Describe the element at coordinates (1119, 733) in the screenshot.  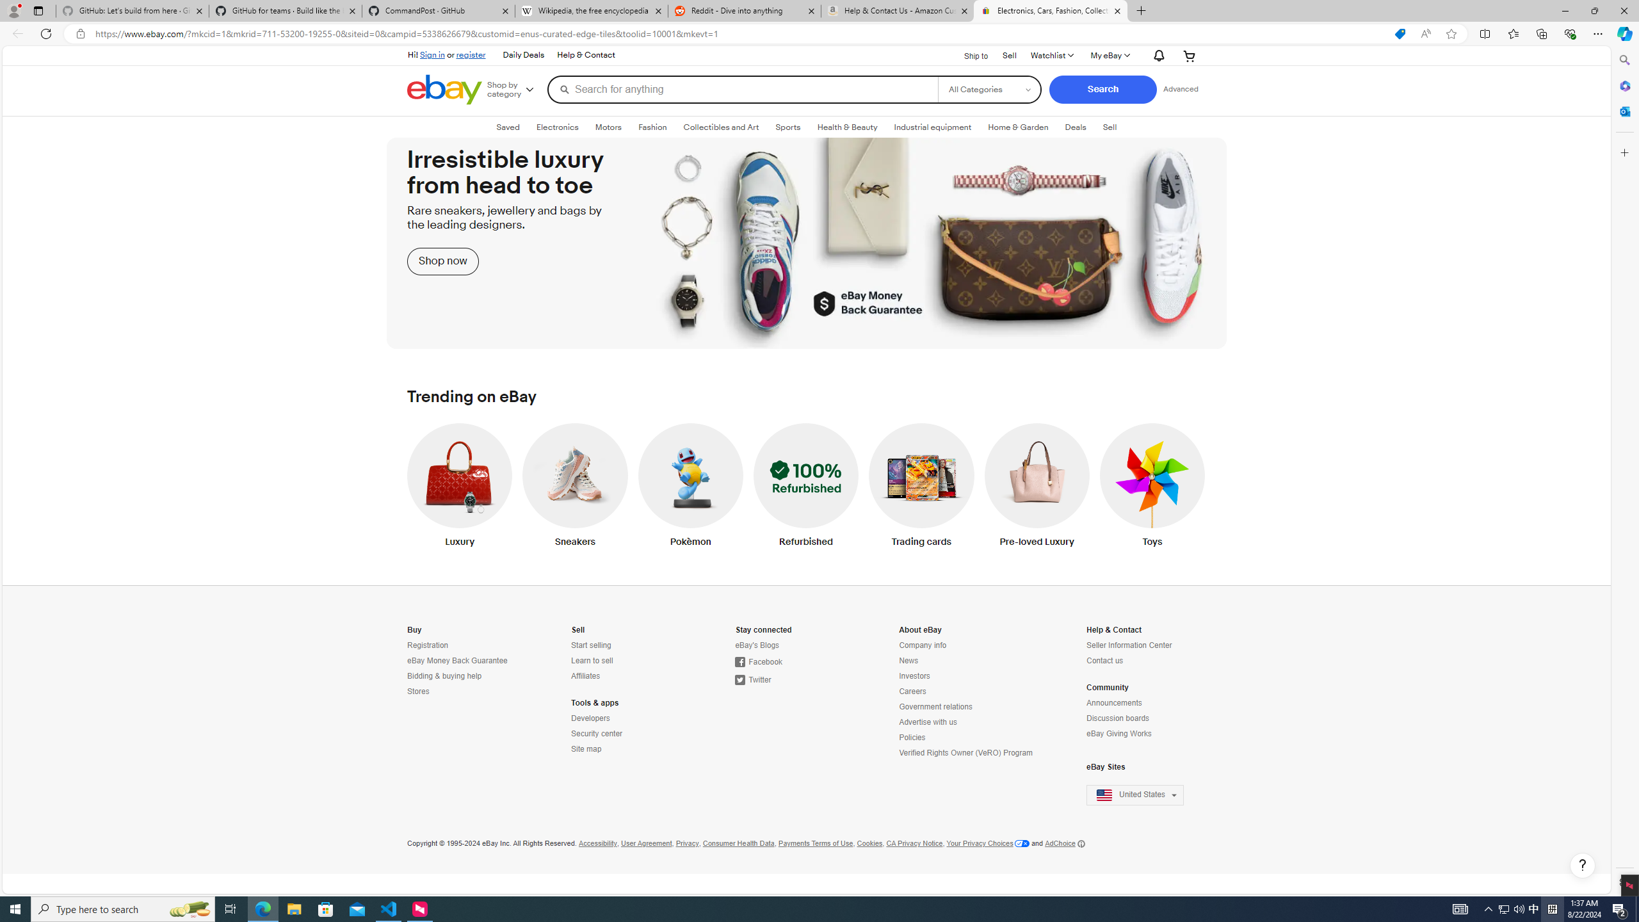
I see `'eBay Giving Works'` at that location.